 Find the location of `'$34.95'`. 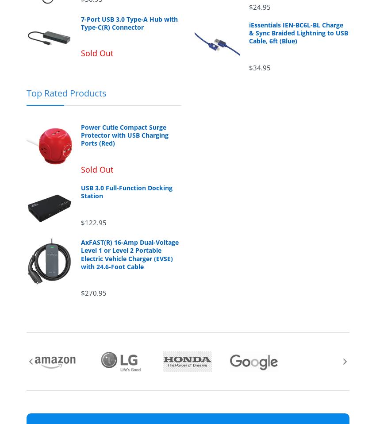

'$34.95' is located at coordinates (260, 67).